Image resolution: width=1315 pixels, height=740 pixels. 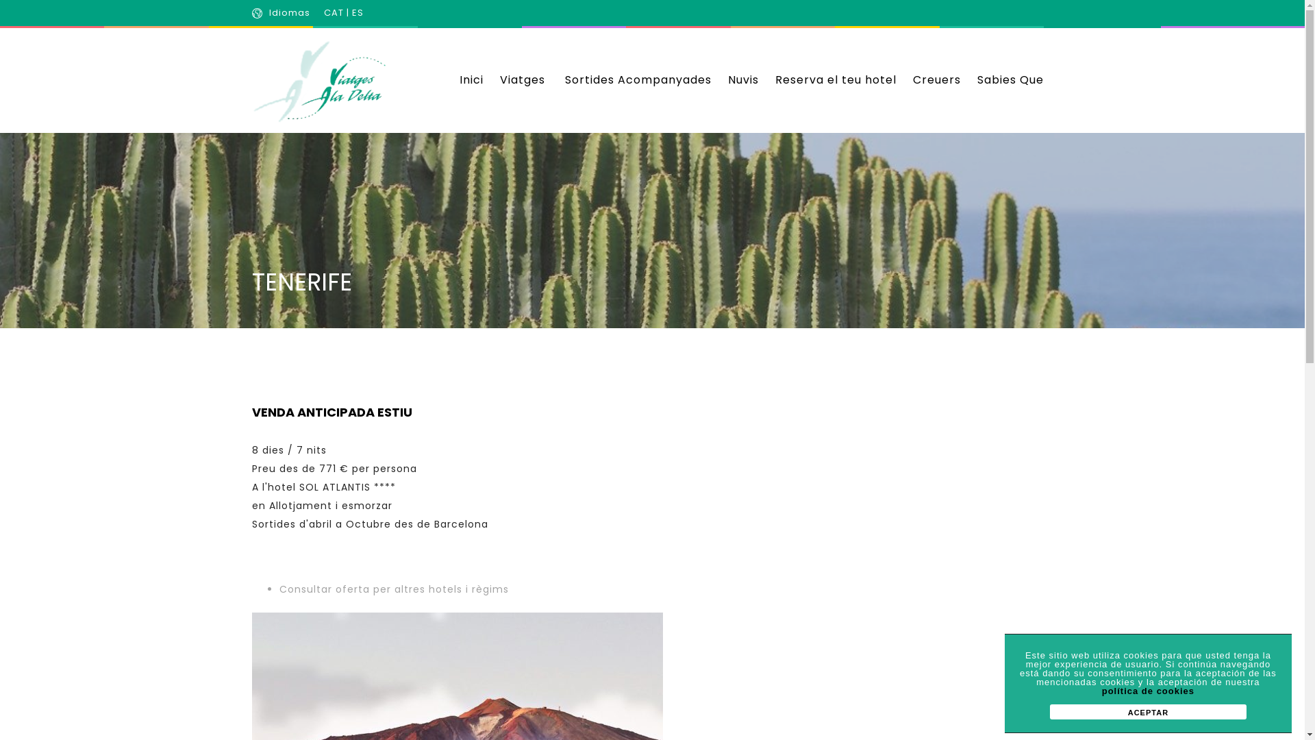 I want to click on 'ES', so click(x=358, y=12).